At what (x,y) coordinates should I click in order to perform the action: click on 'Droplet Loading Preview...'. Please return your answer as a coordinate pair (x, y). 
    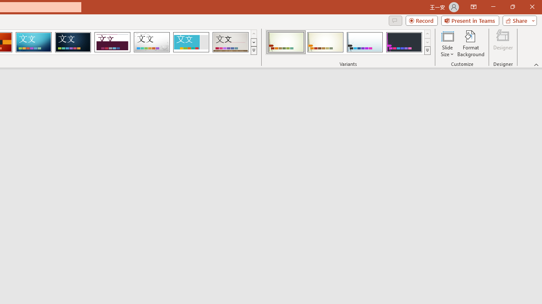
    Looking at the image, I should click on (152, 42).